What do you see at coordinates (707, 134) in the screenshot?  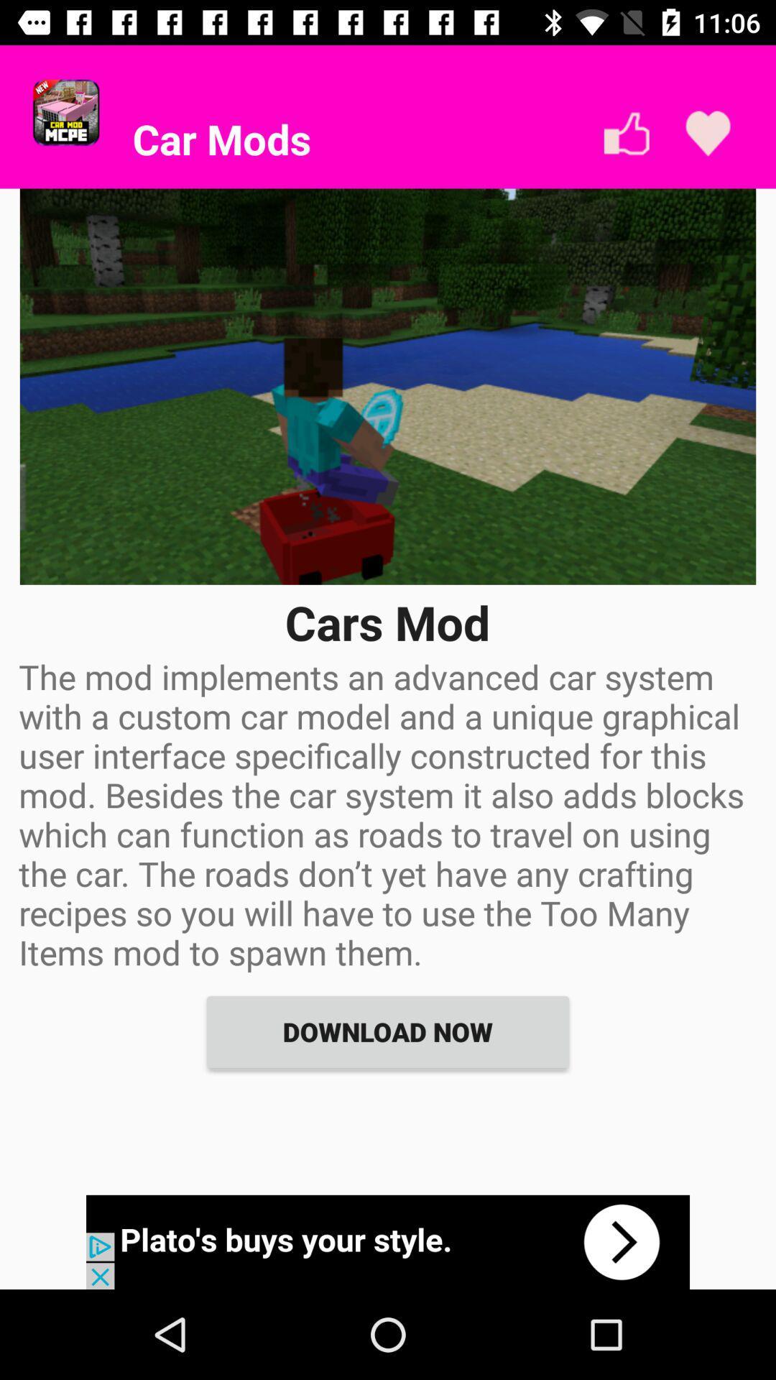 I see `heart botton` at bounding box center [707, 134].